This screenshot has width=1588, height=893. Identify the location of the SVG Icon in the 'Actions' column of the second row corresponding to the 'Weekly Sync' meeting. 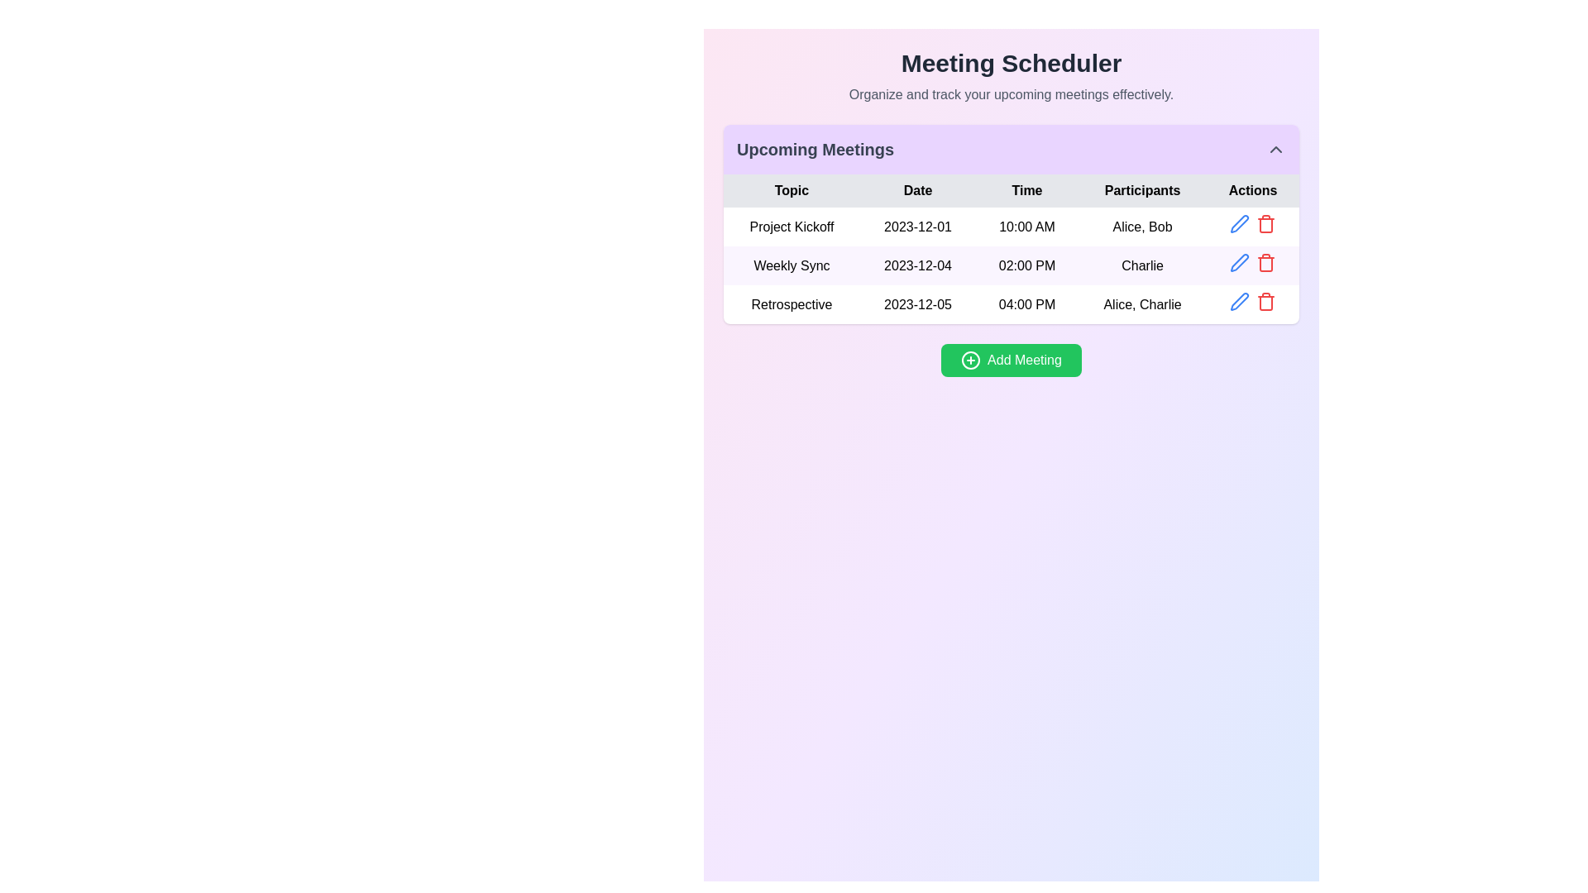
(1240, 261).